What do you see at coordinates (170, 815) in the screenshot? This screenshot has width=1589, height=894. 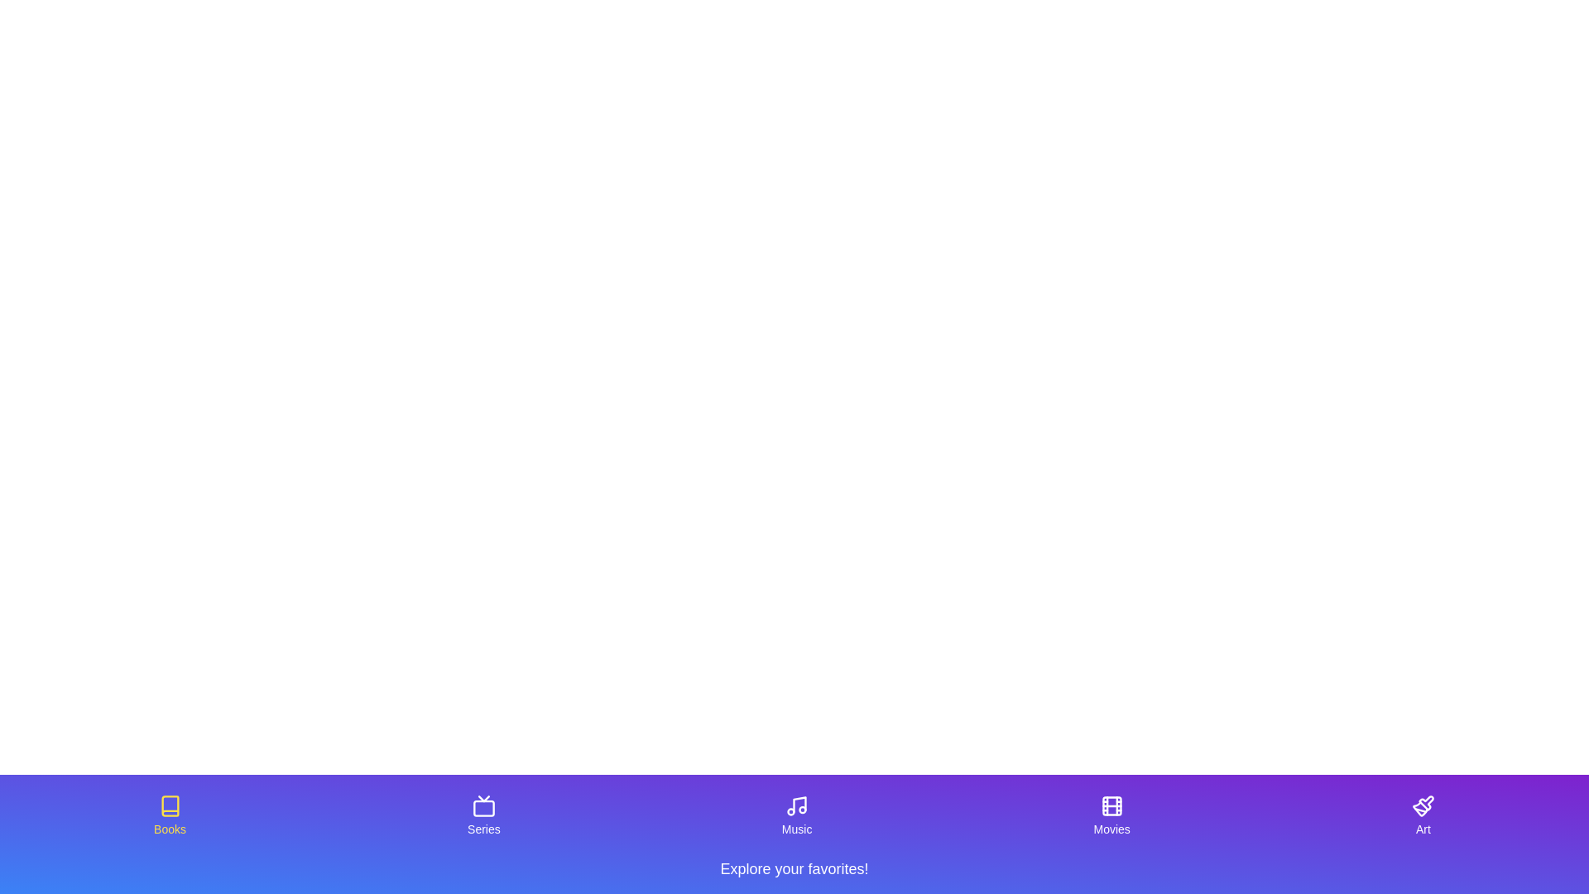 I see `the tab labeled 'Books' to observe its hover effect` at bounding box center [170, 815].